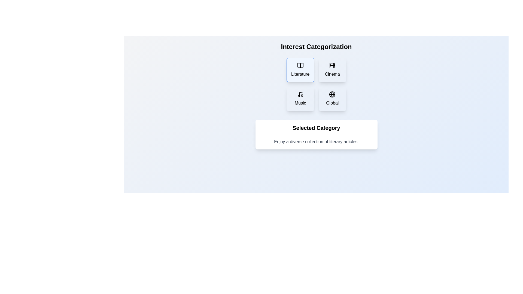 This screenshot has height=294, width=523. What do you see at coordinates (300, 70) in the screenshot?
I see `the 'Literature' category button located at the top-left corner of the grid layout` at bounding box center [300, 70].